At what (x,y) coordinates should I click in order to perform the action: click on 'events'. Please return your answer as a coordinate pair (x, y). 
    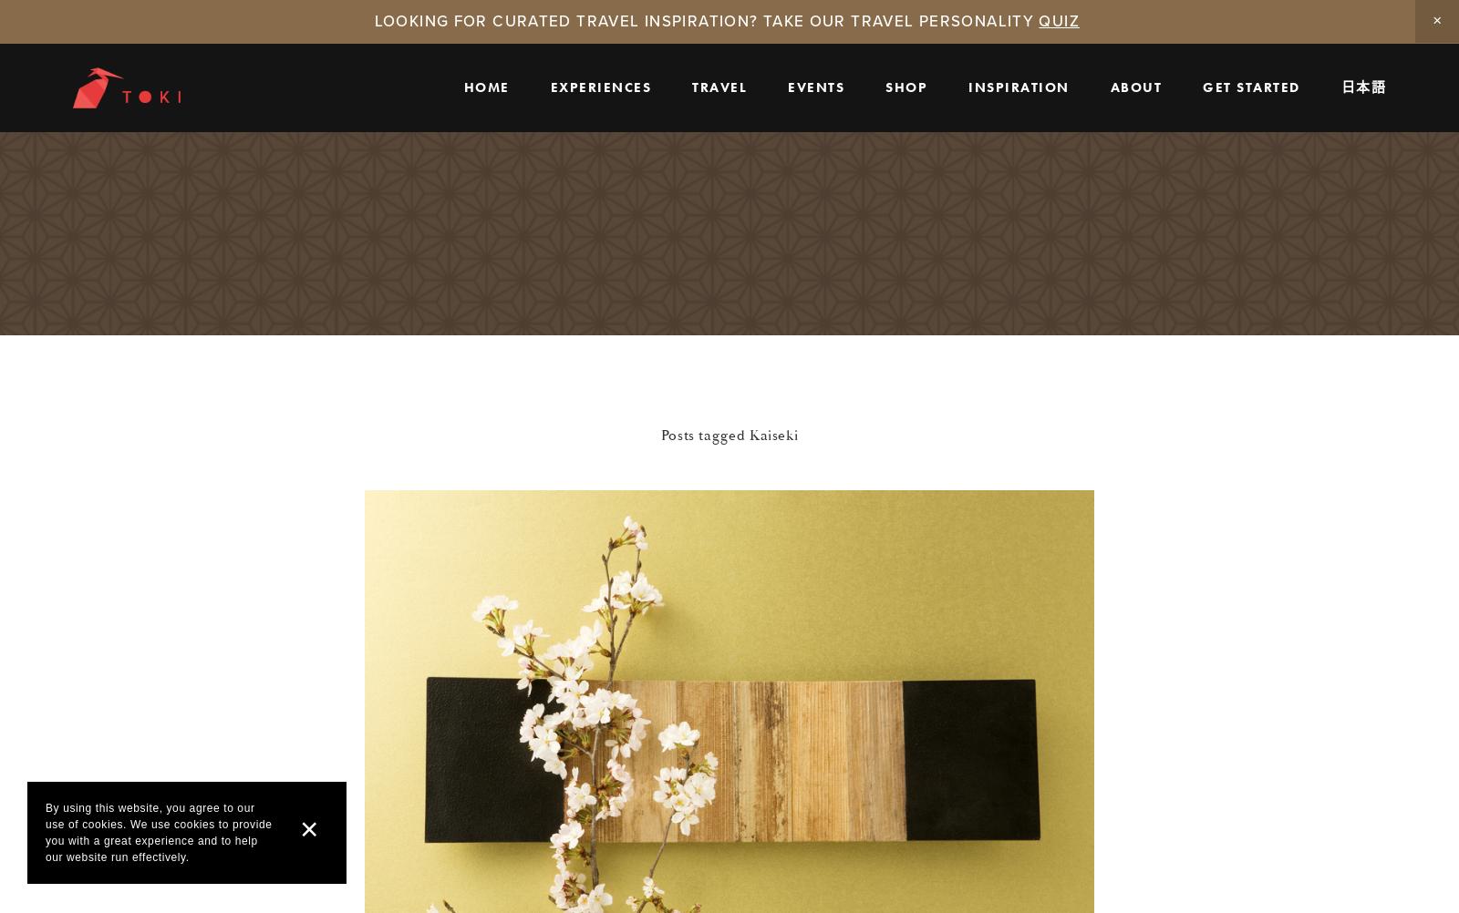
    Looking at the image, I should click on (815, 85).